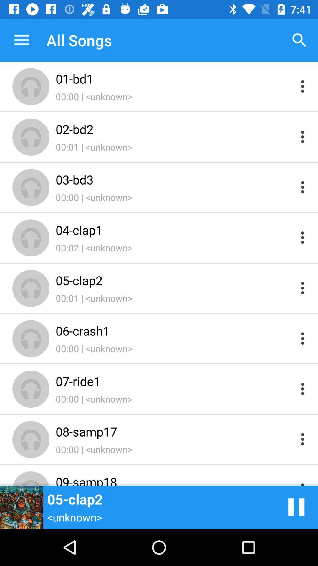 The image size is (318, 566). I want to click on the icon to the right of the 06-crash1 item, so click(296, 507).